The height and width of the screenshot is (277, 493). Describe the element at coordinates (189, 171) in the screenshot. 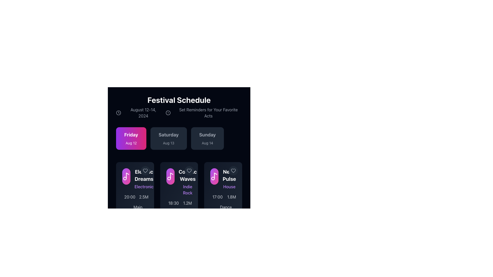

I see `the favorite toggle button for the 'Cosmic Waves' event located at the top-right corner of the event card` at that location.